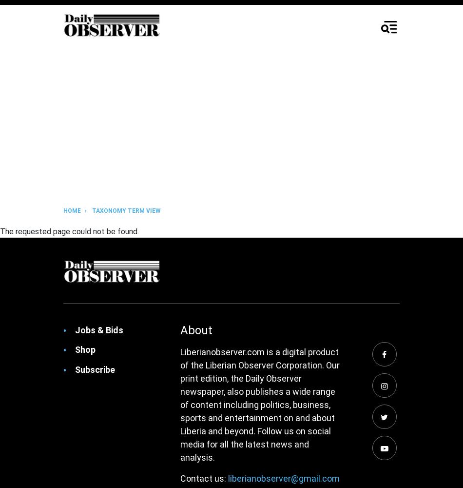  What do you see at coordinates (283, 478) in the screenshot?
I see `'liberianobserver@gmail.com'` at bounding box center [283, 478].